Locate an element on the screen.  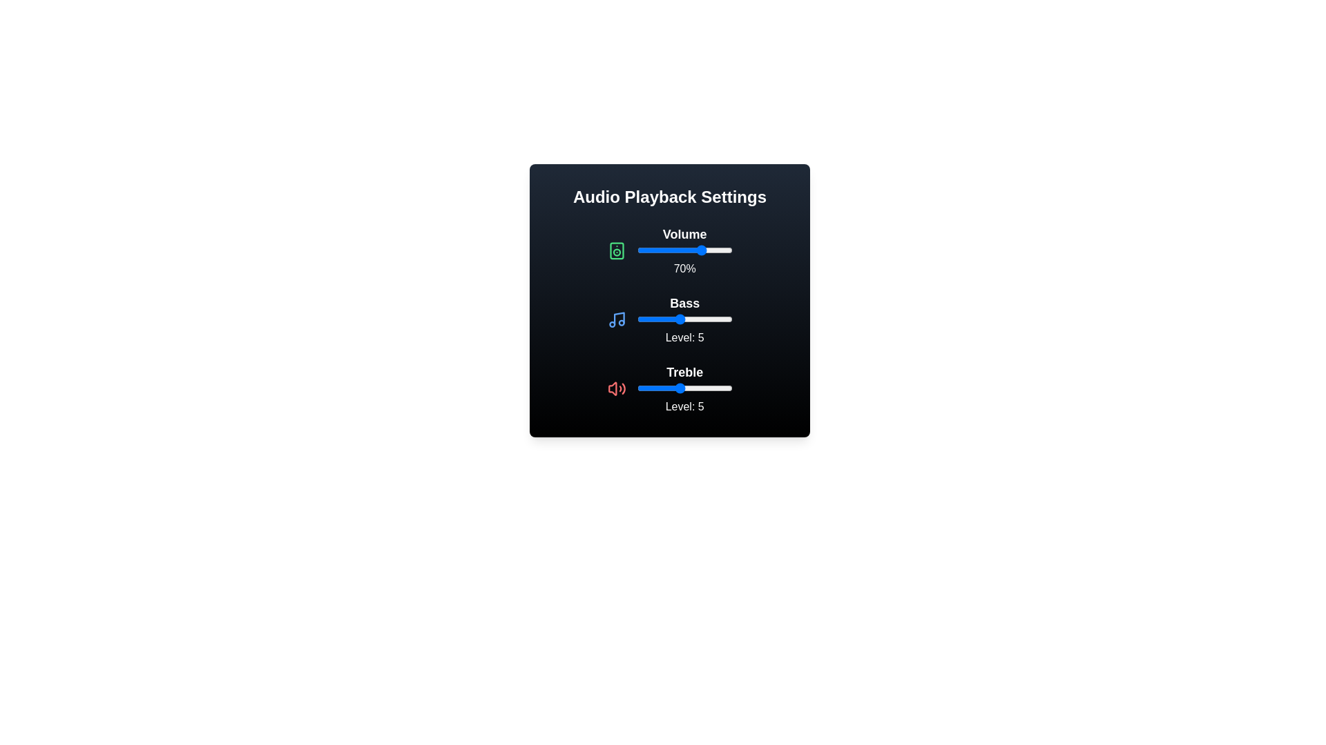
the control panel sliders and icons for audio playback settings, which include volume, bass, and treble adjustments is located at coordinates (669, 299).